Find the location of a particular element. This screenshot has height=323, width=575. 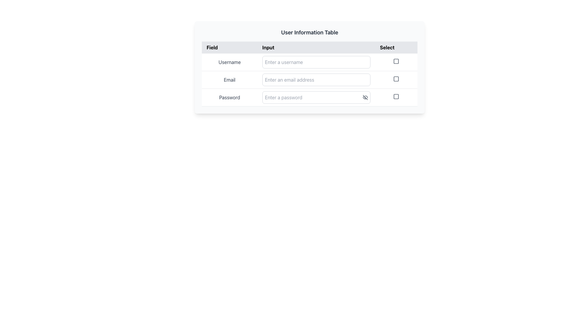

the selection toggle button in the first row of the 'User Information Table' is located at coordinates (396, 61).